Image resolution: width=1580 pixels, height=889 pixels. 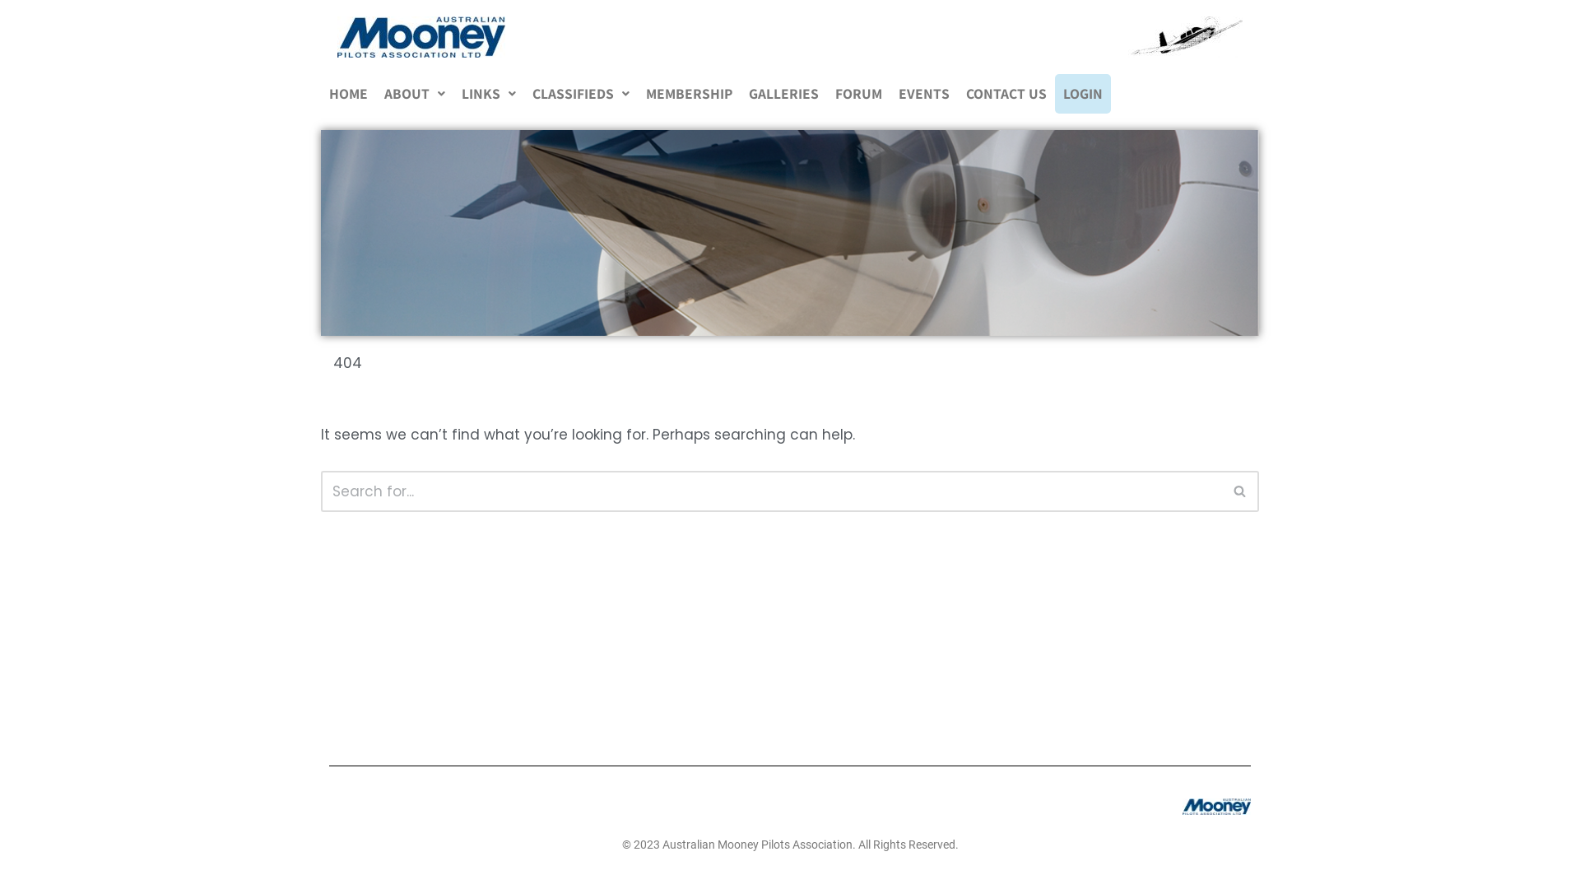 What do you see at coordinates (488, 94) in the screenshot?
I see `'LINKS'` at bounding box center [488, 94].